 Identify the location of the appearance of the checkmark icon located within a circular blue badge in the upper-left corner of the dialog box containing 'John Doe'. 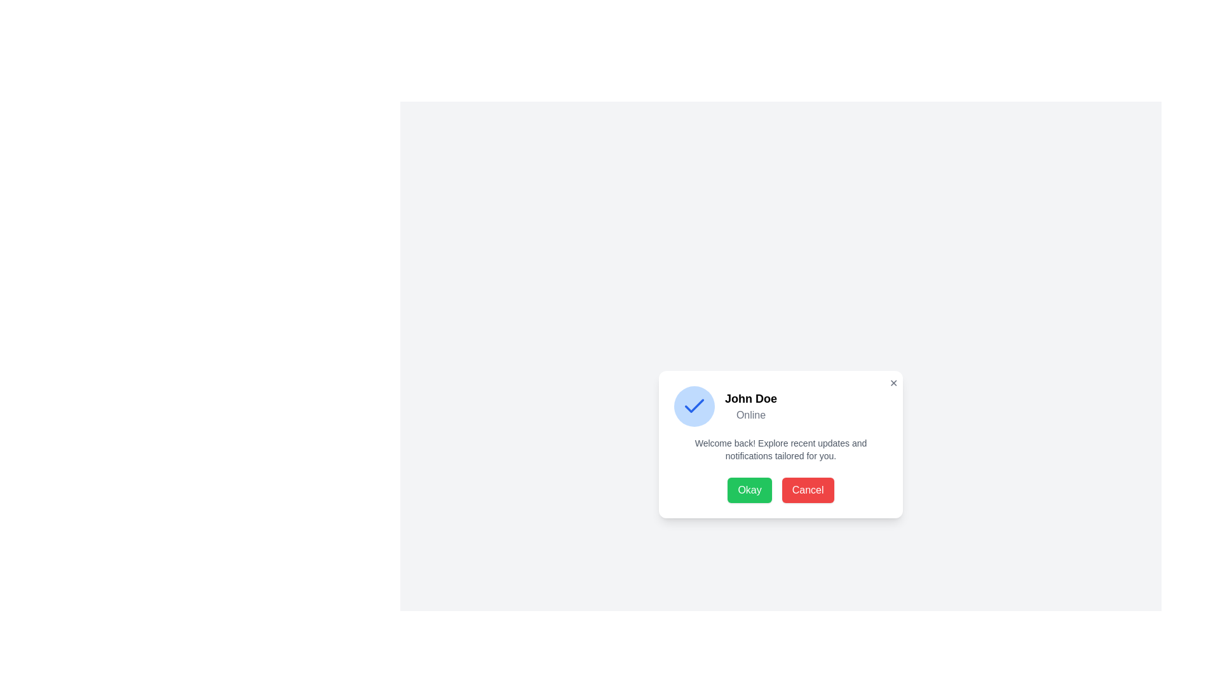
(694, 406).